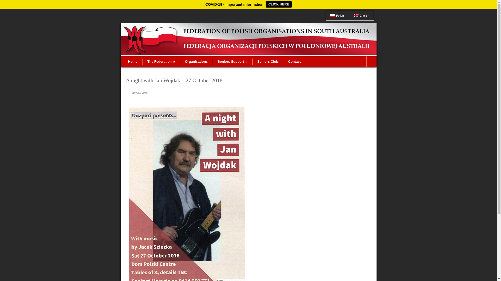  What do you see at coordinates (268, 61) in the screenshot?
I see `'Seniors Club'` at bounding box center [268, 61].